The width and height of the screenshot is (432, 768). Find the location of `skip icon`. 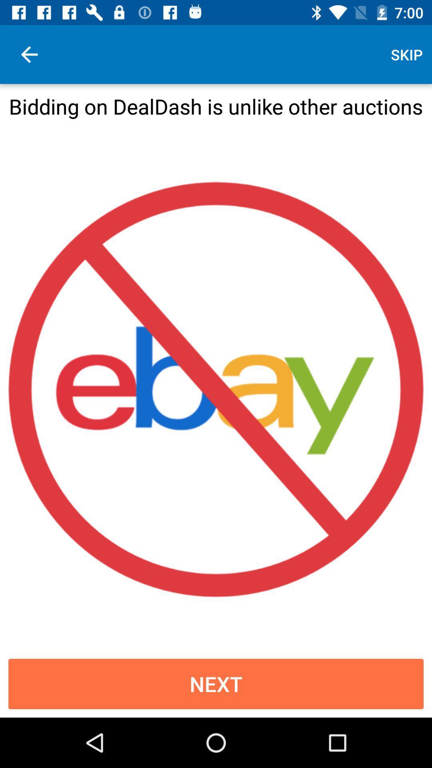

skip icon is located at coordinates (407, 54).